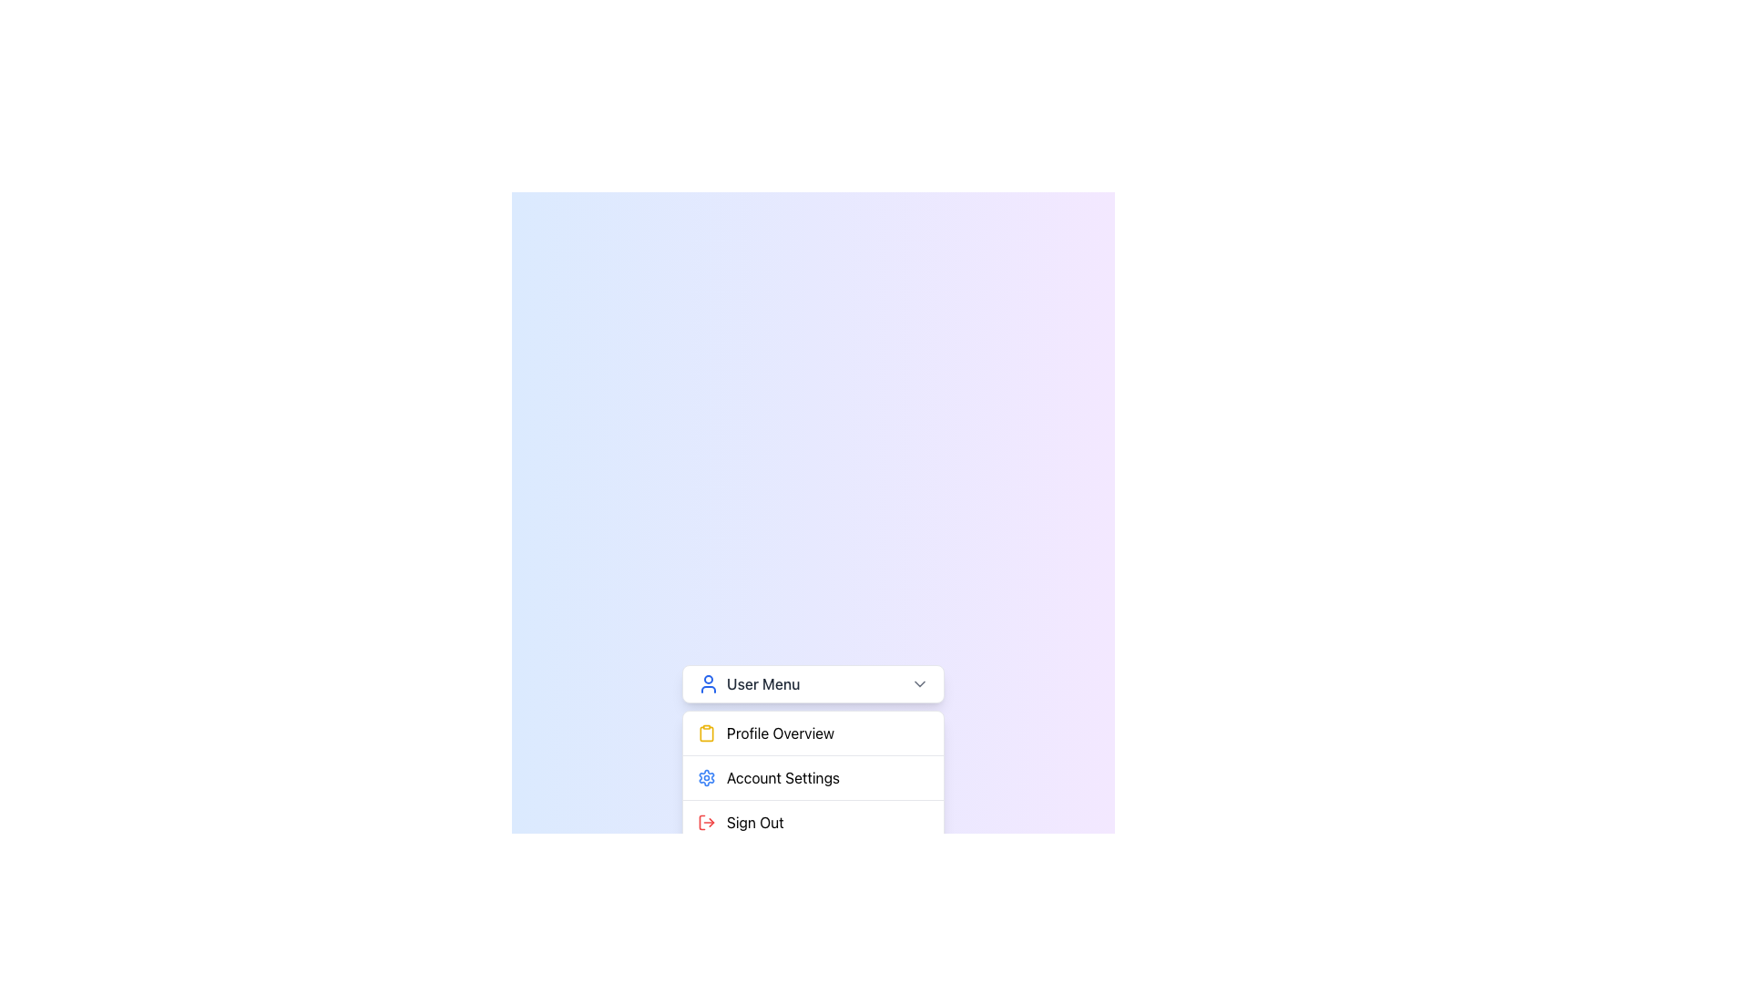  I want to click on text label that serves as the title for the dropdown menu associated with user-related actions, located to the right of the blue user icon in the top center of the dropdown menu, so click(763, 684).